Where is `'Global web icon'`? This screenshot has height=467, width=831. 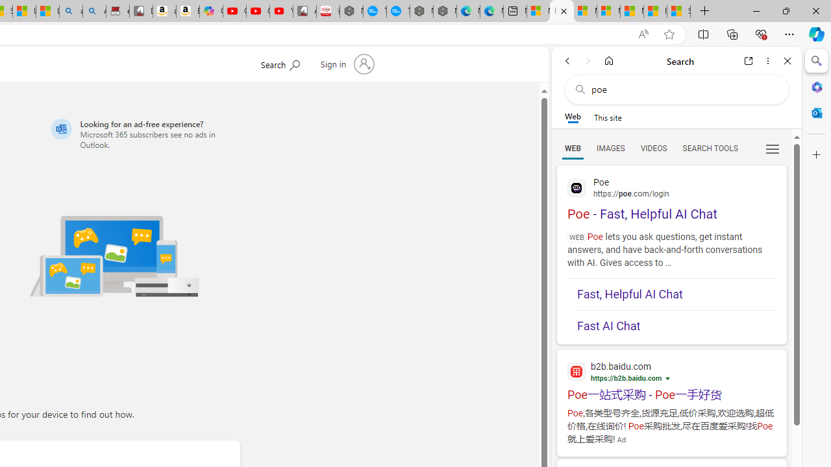
'Global web icon' is located at coordinates (576, 188).